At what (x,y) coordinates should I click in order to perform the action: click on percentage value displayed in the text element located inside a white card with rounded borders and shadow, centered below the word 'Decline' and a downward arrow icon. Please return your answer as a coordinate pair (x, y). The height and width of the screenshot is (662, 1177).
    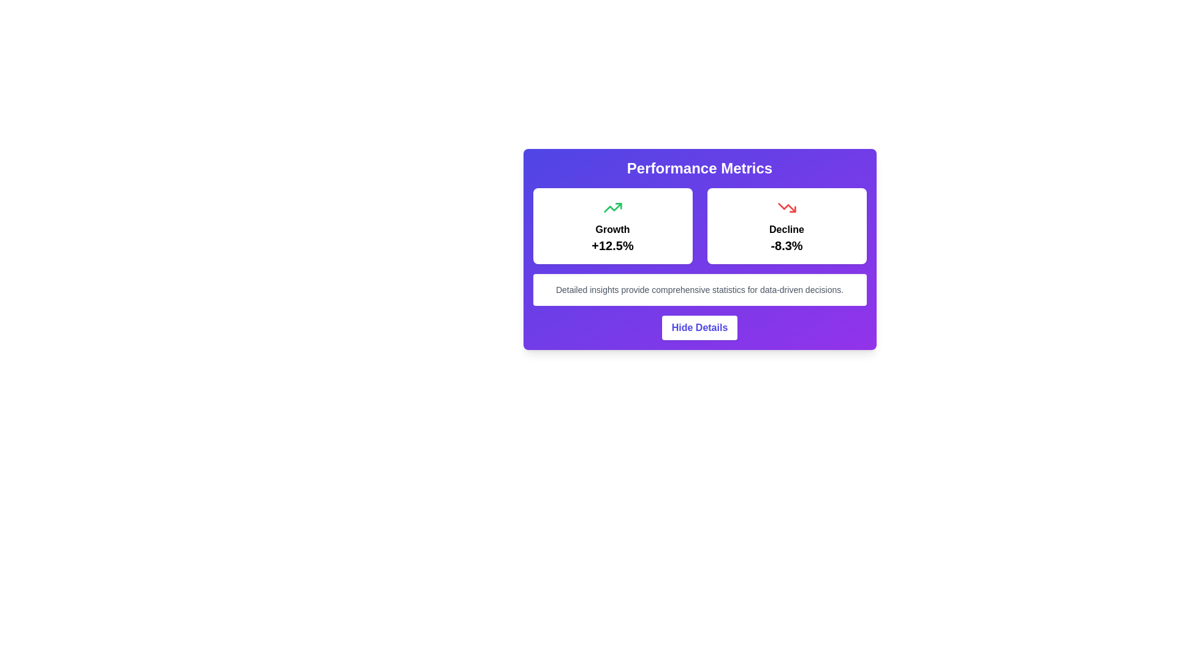
    Looking at the image, I should click on (787, 246).